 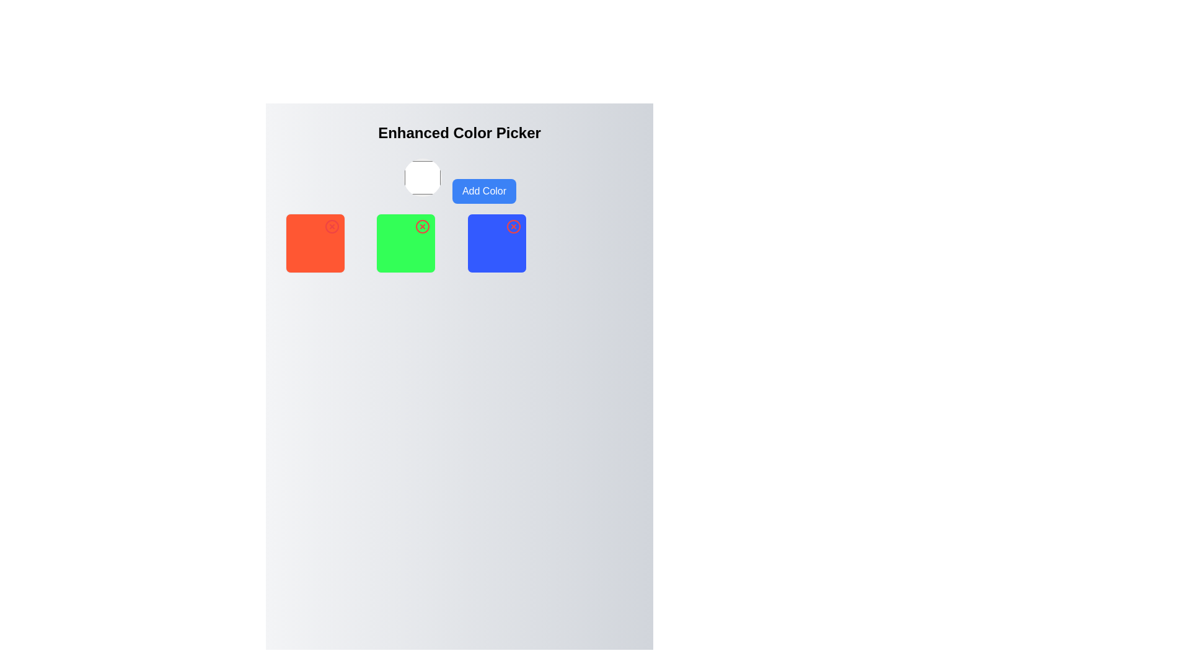 I want to click on the interactive color selection box, which has a removal option, so click(x=406, y=243).